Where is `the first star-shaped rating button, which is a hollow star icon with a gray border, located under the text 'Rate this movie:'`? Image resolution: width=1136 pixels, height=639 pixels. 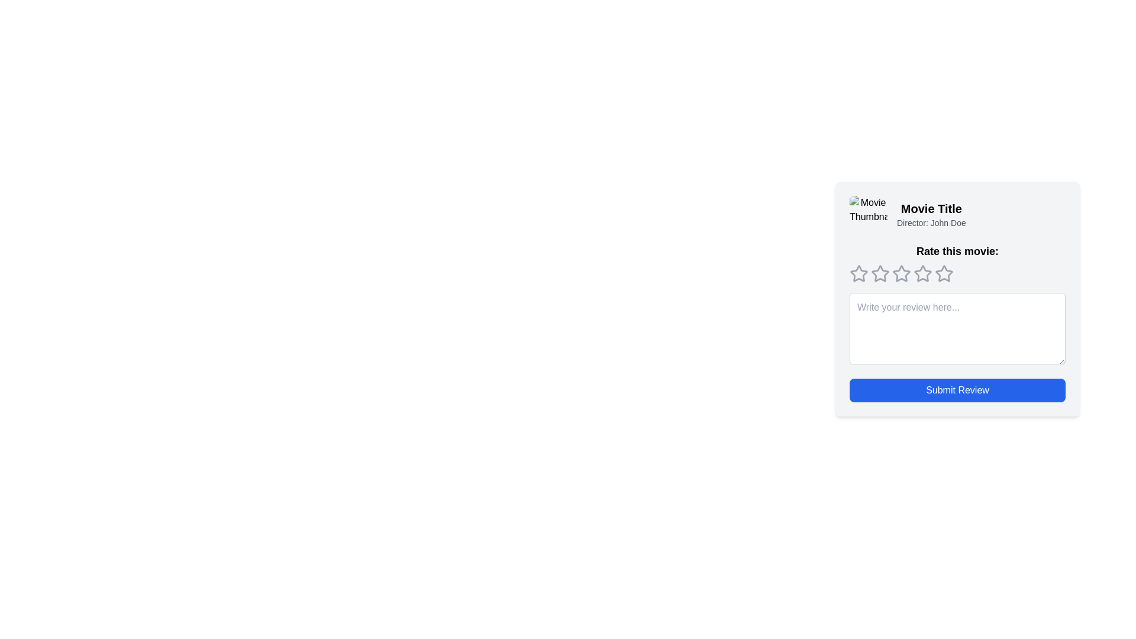
the first star-shaped rating button, which is a hollow star icon with a gray border, located under the text 'Rate this movie:' is located at coordinates (859, 273).